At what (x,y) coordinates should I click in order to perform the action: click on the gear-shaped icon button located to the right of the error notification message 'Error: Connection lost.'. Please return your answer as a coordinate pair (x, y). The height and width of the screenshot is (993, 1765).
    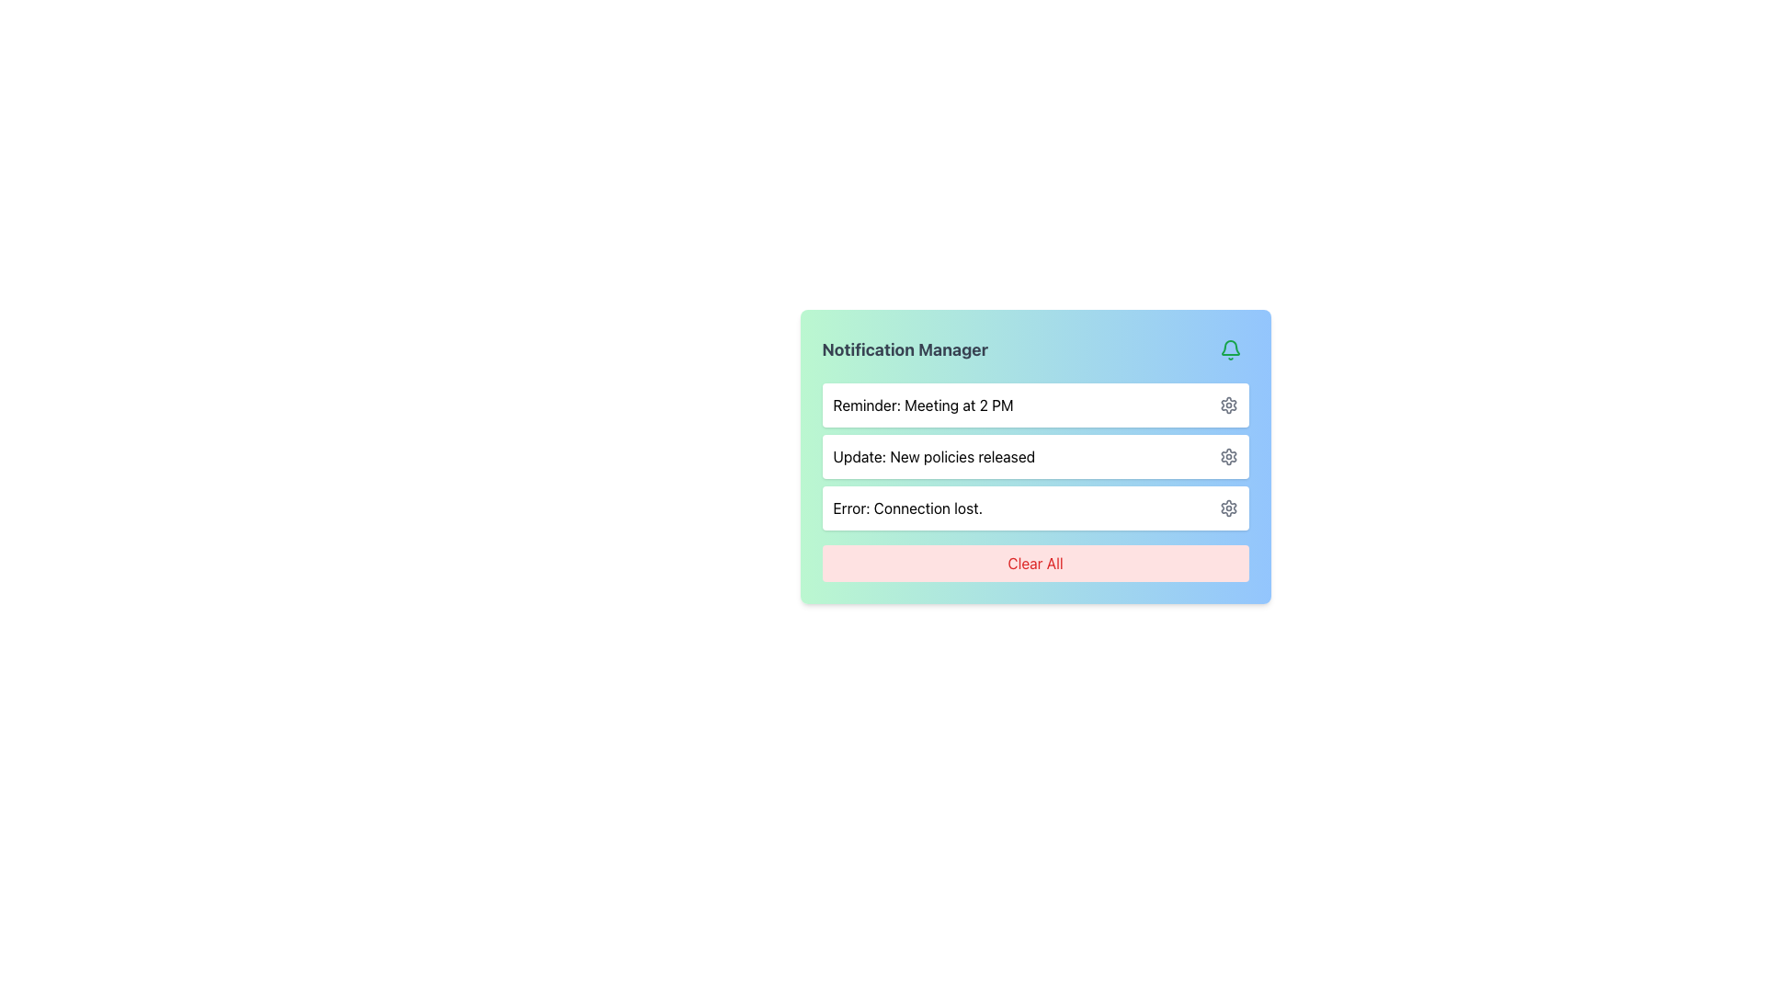
    Looking at the image, I should click on (1228, 508).